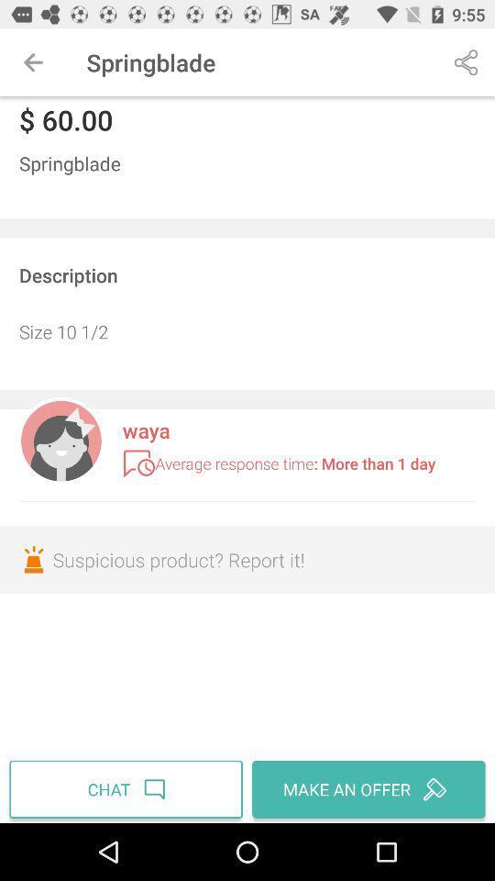 This screenshot has height=881, width=495. Describe the element at coordinates (366, 788) in the screenshot. I see `the icon to the right of the chat` at that location.